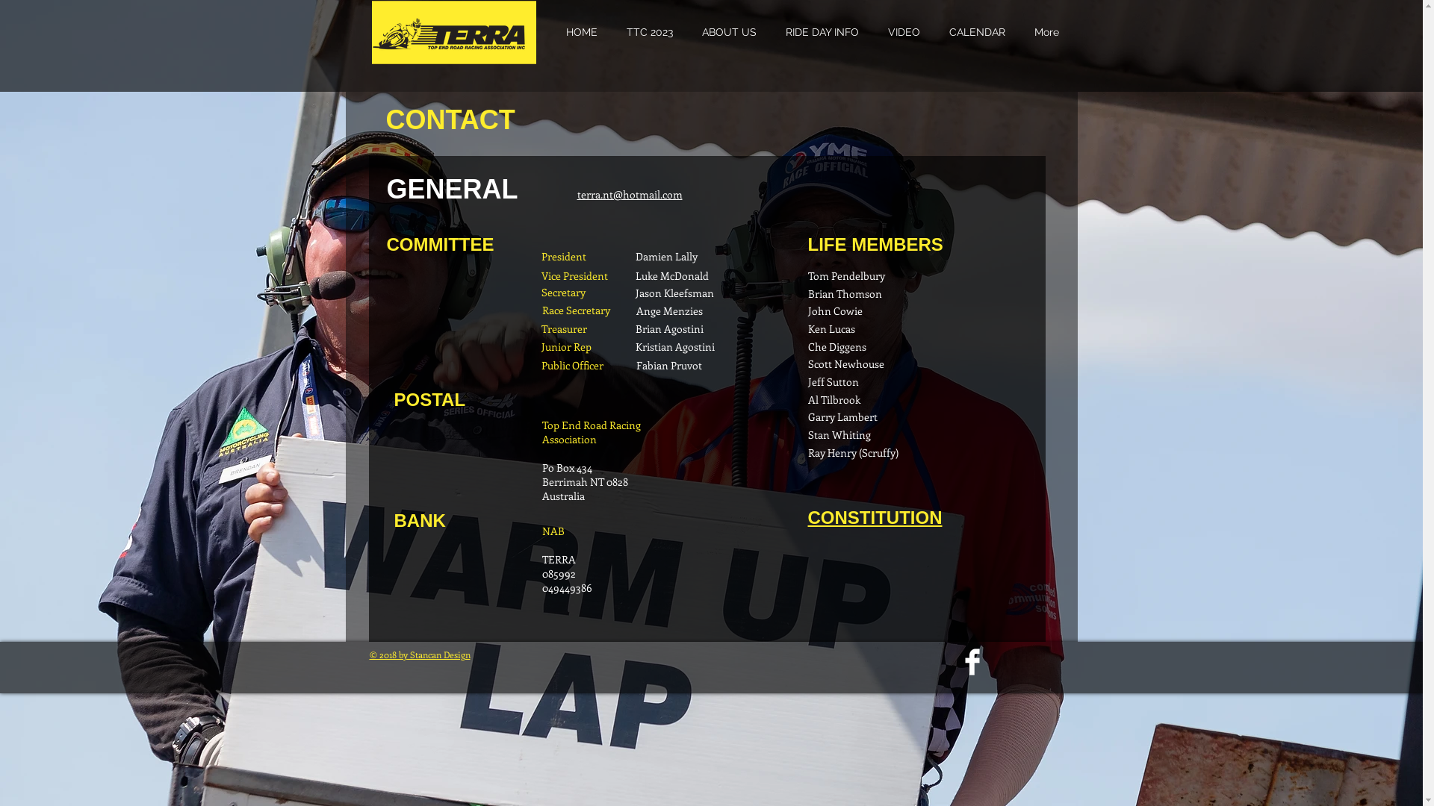  Describe the element at coordinates (728, 32) in the screenshot. I see `'ABOUT US'` at that location.